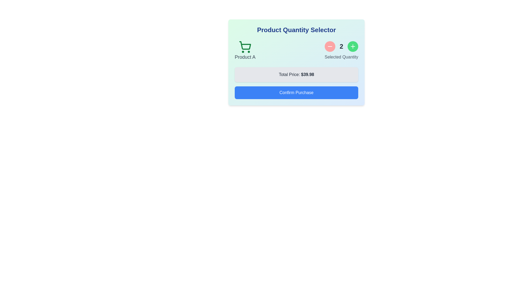  What do you see at coordinates (296, 92) in the screenshot?
I see `the 'Confirm Purchase' button to proceed with the purchase` at bounding box center [296, 92].